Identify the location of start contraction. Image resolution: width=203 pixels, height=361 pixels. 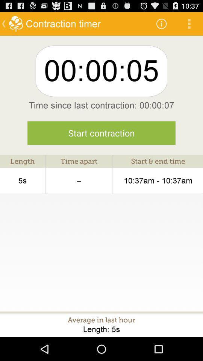
(101, 133).